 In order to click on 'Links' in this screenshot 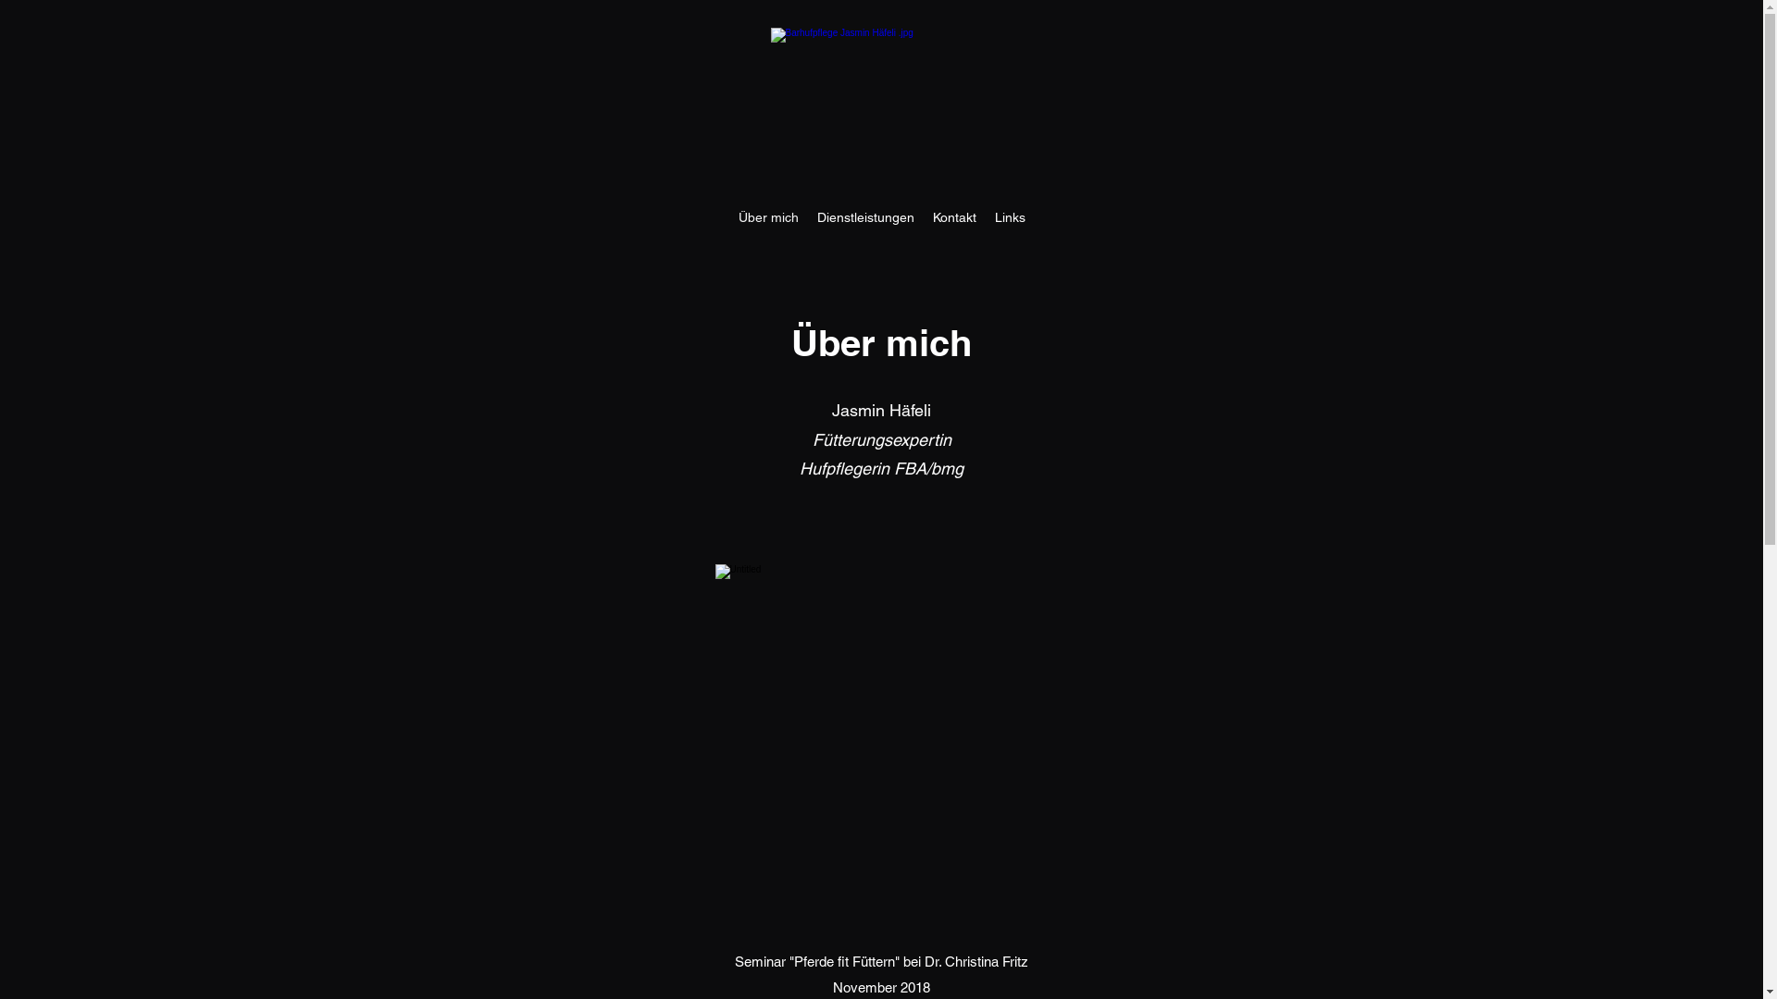, I will do `click(1008, 216)`.